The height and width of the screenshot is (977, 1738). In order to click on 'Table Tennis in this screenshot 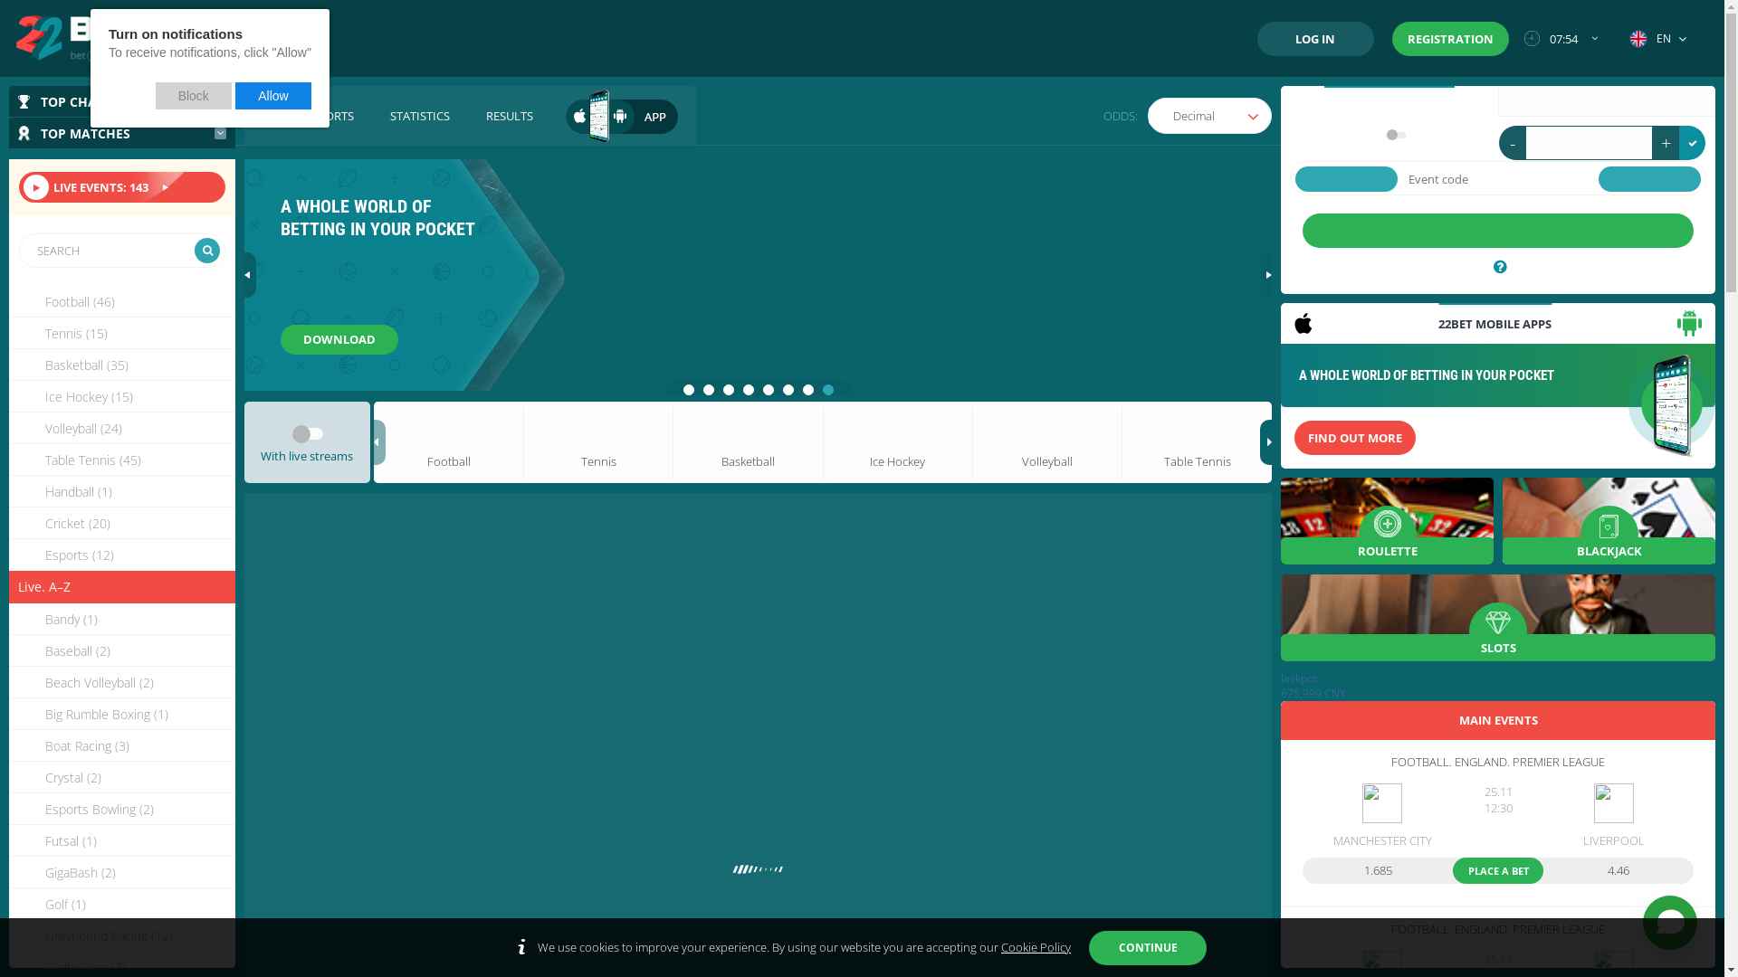, I will do `click(120, 459)`.